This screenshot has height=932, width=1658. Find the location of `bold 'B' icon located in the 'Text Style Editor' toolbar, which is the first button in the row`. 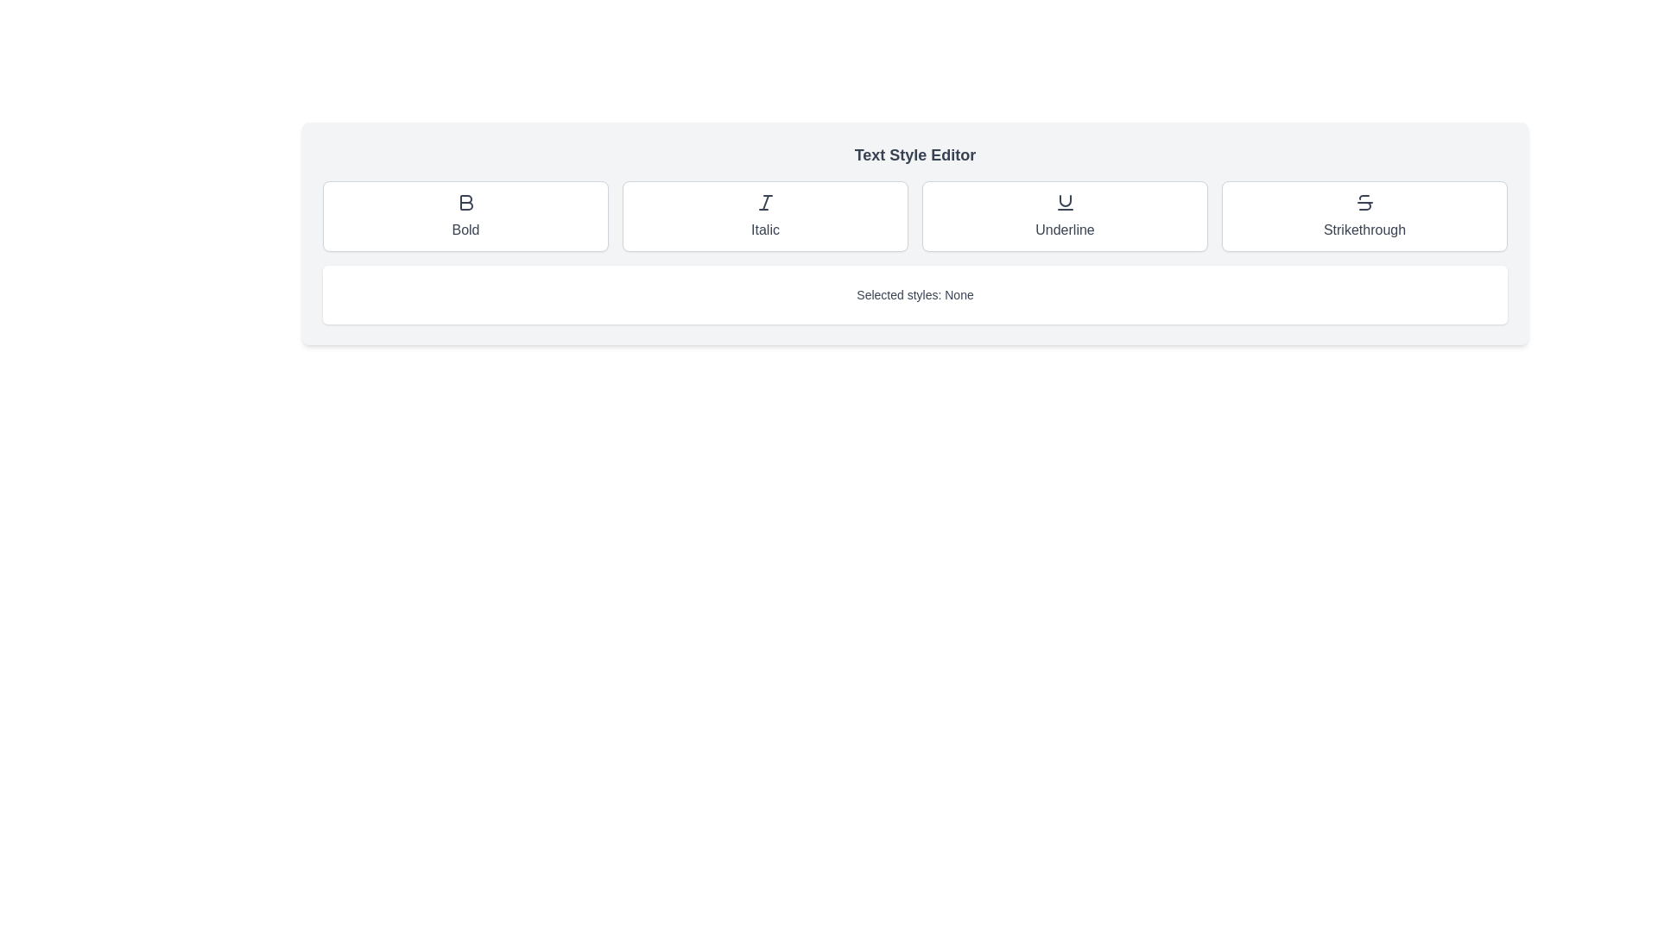

bold 'B' icon located in the 'Text Style Editor' toolbar, which is the first button in the row is located at coordinates (465, 202).